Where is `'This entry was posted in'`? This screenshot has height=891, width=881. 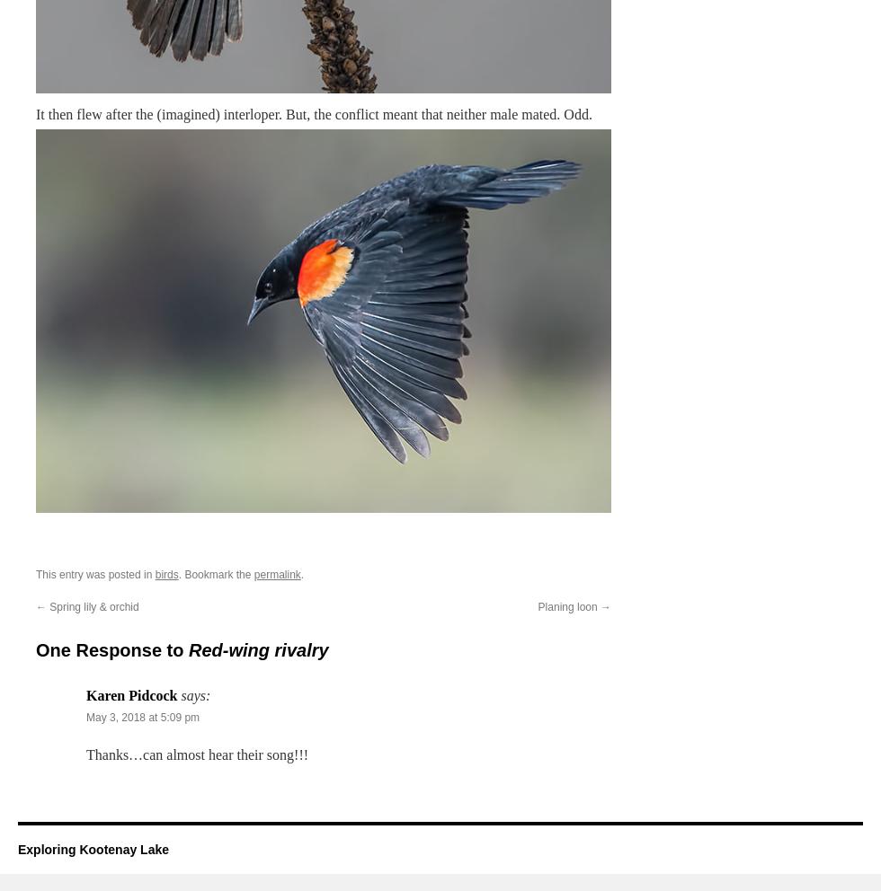
'This entry was posted in' is located at coordinates (95, 574).